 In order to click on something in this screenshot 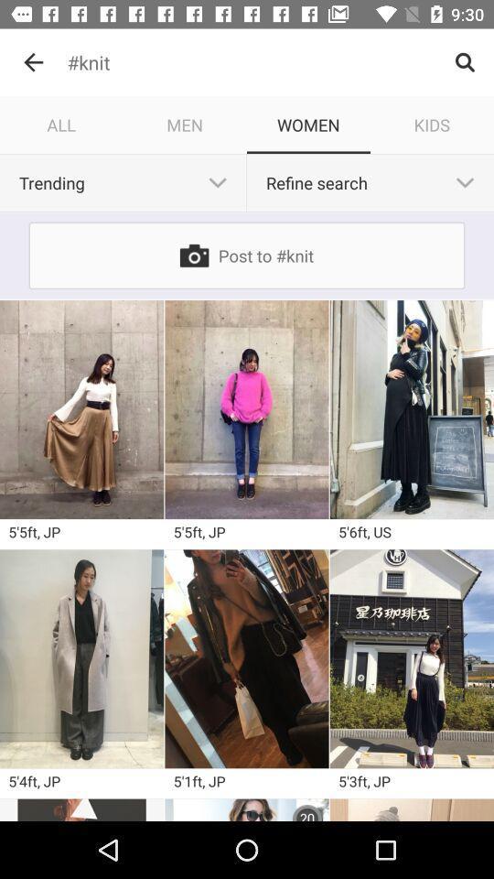, I will do `click(412, 658)`.